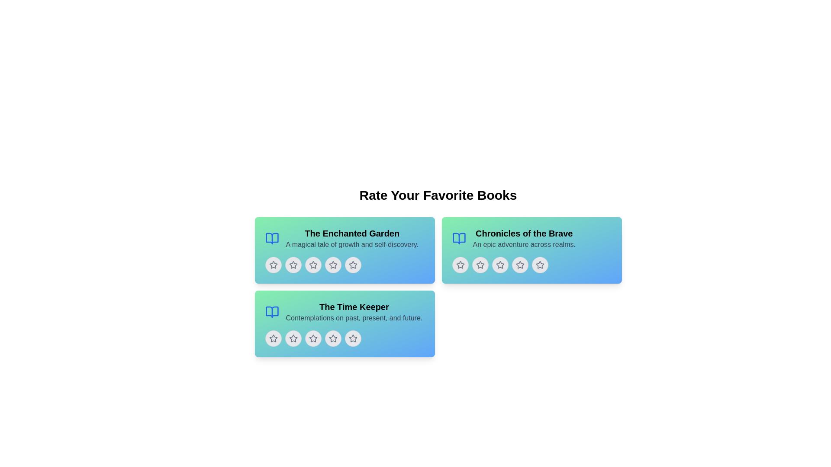 This screenshot has height=467, width=831. What do you see at coordinates (353, 265) in the screenshot?
I see `the fifth star rating button under the book title 'The Enchanted Garden'` at bounding box center [353, 265].